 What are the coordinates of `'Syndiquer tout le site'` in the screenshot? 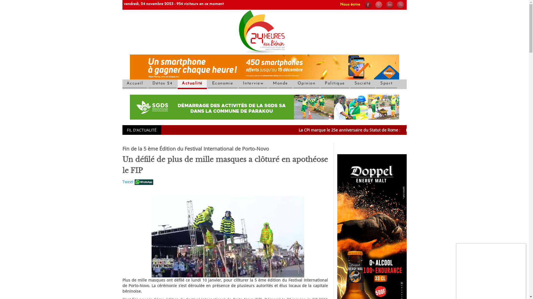 It's located at (402, 4).